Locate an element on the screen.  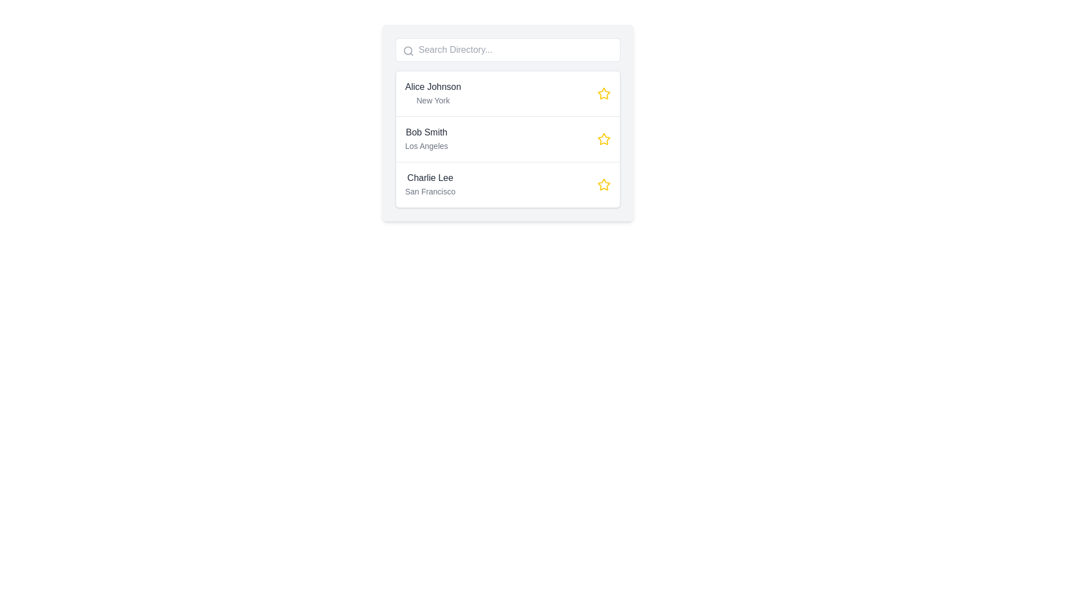
the text display containing 'Bob Smith' and 'Los Angeles' is located at coordinates (426, 138).